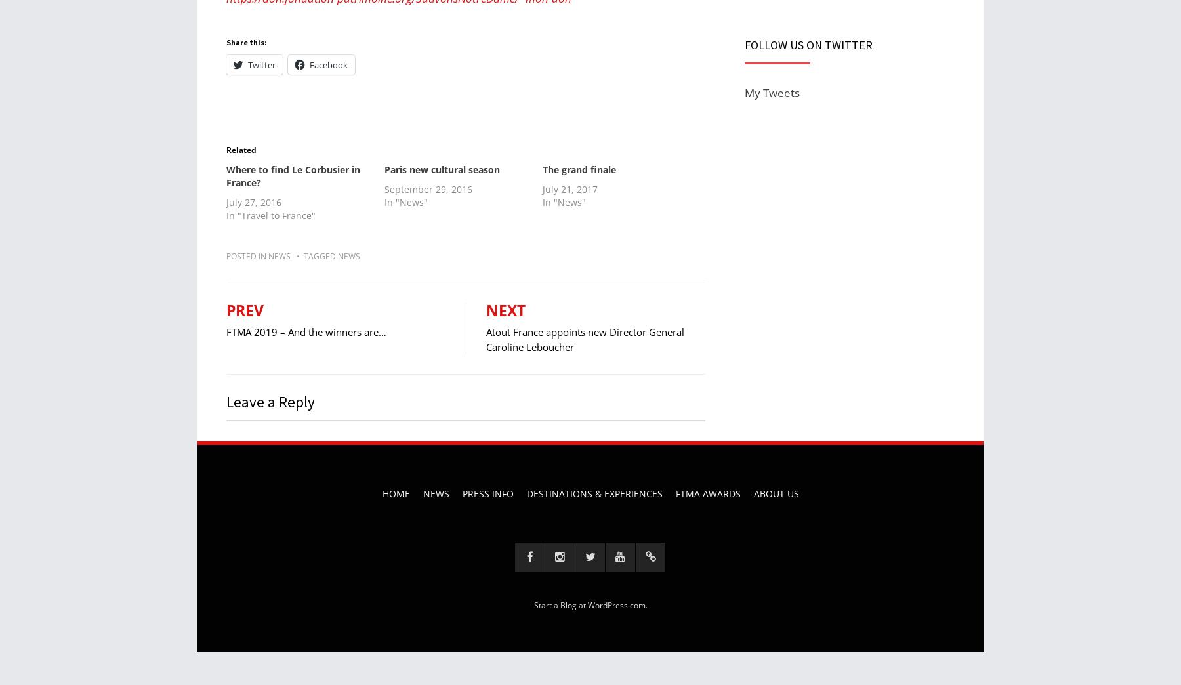 Image resolution: width=1181 pixels, height=685 pixels. Describe the element at coordinates (772, 92) in the screenshot. I see `'My Tweets'` at that location.